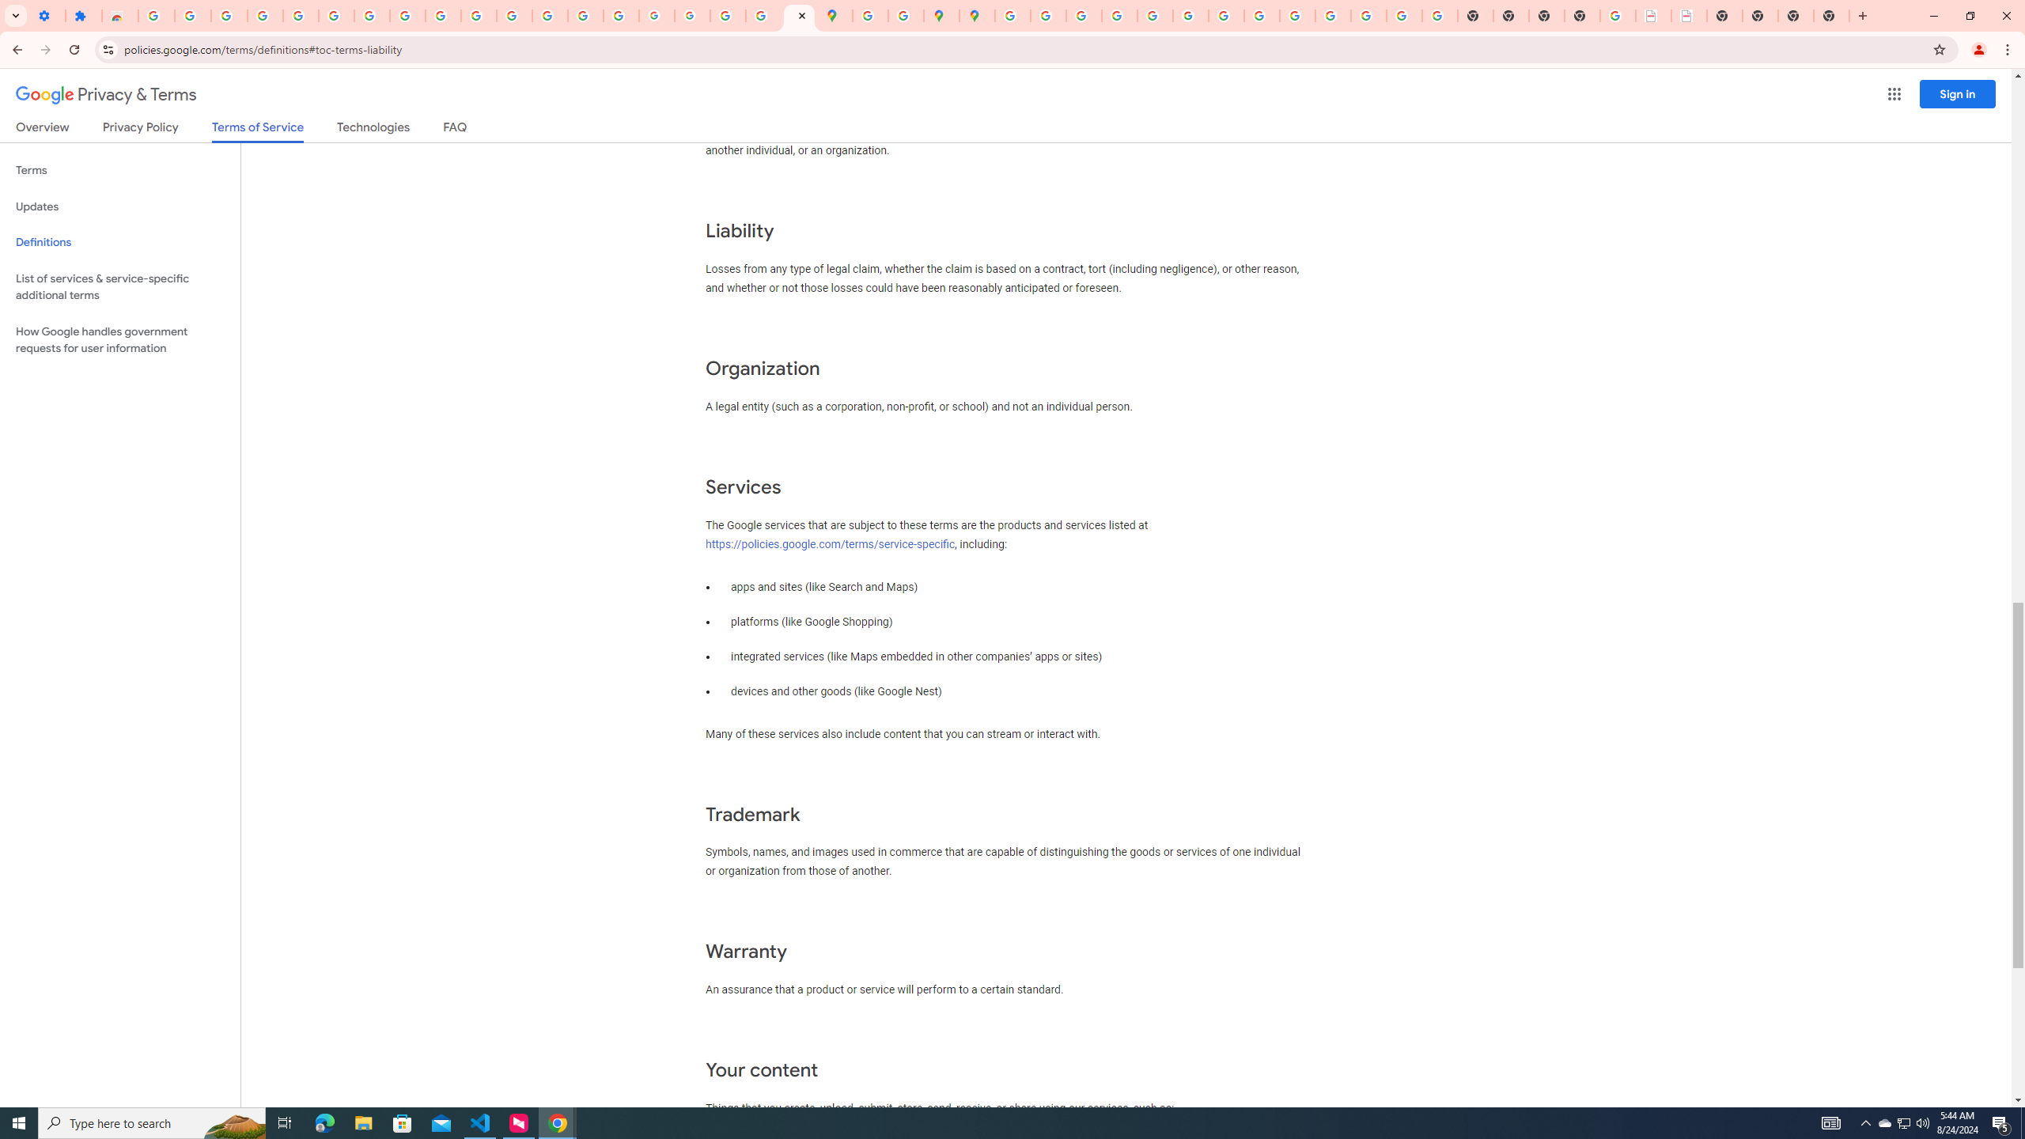 This screenshot has width=2025, height=1139. I want to click on 'New Tab', so click(1860, 15).